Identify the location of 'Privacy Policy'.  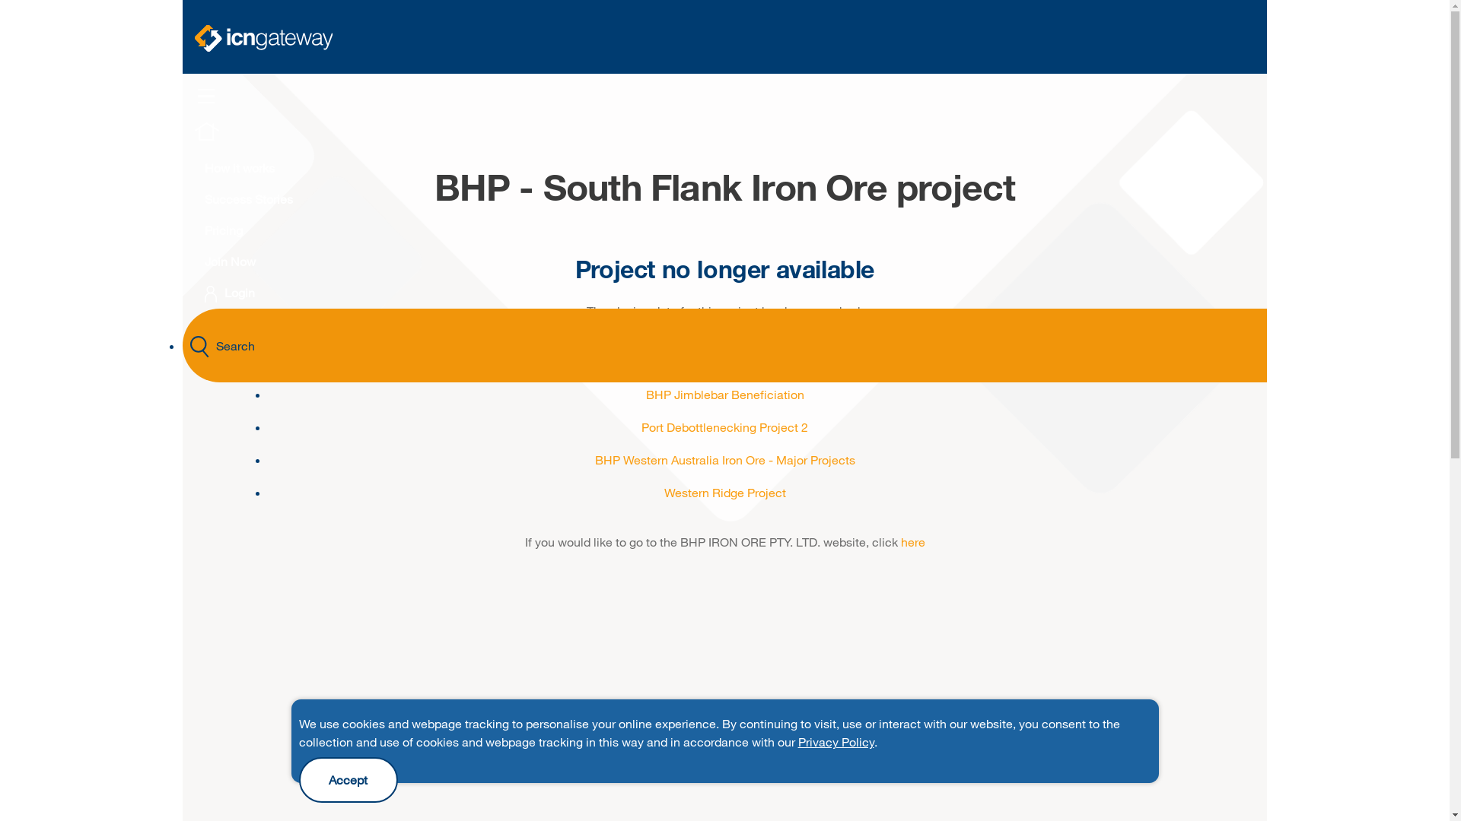
(835, 740).